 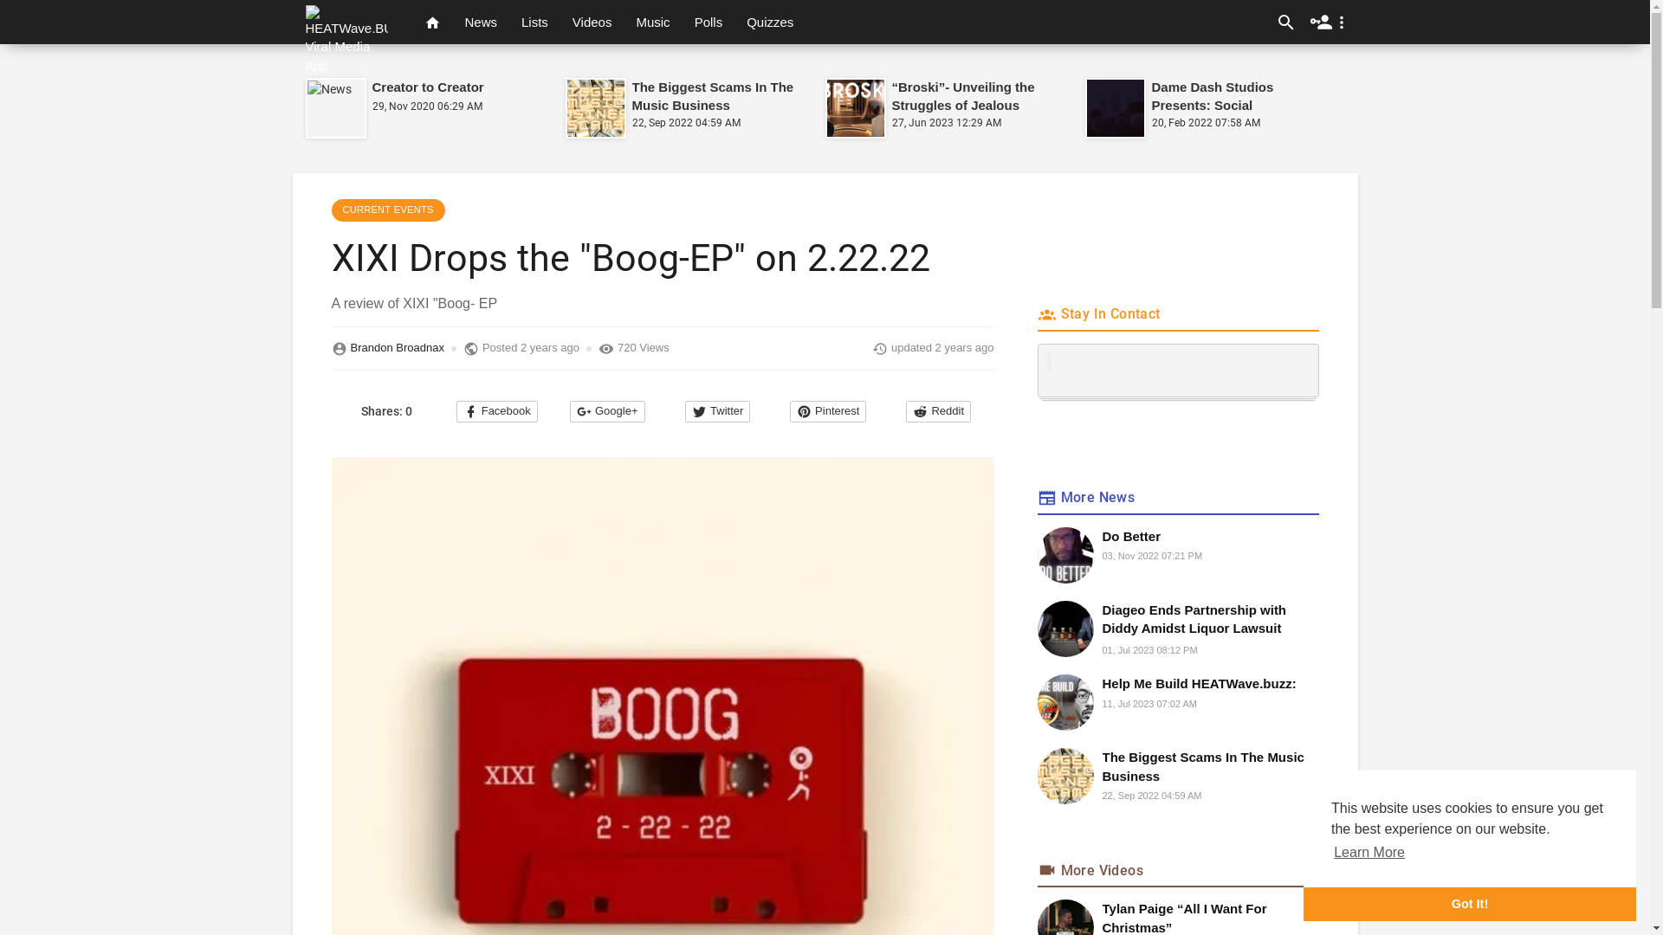 I want to click on 'Facebook', so click(x=496, y=411).